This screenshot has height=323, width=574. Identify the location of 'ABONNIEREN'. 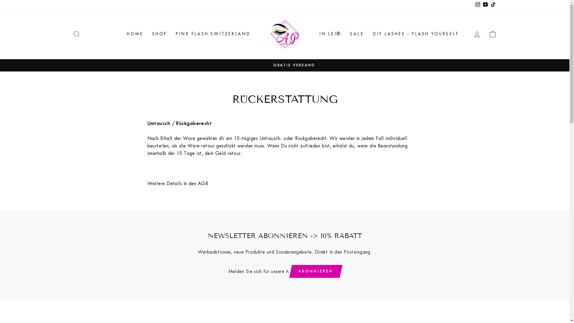
(292, 271).